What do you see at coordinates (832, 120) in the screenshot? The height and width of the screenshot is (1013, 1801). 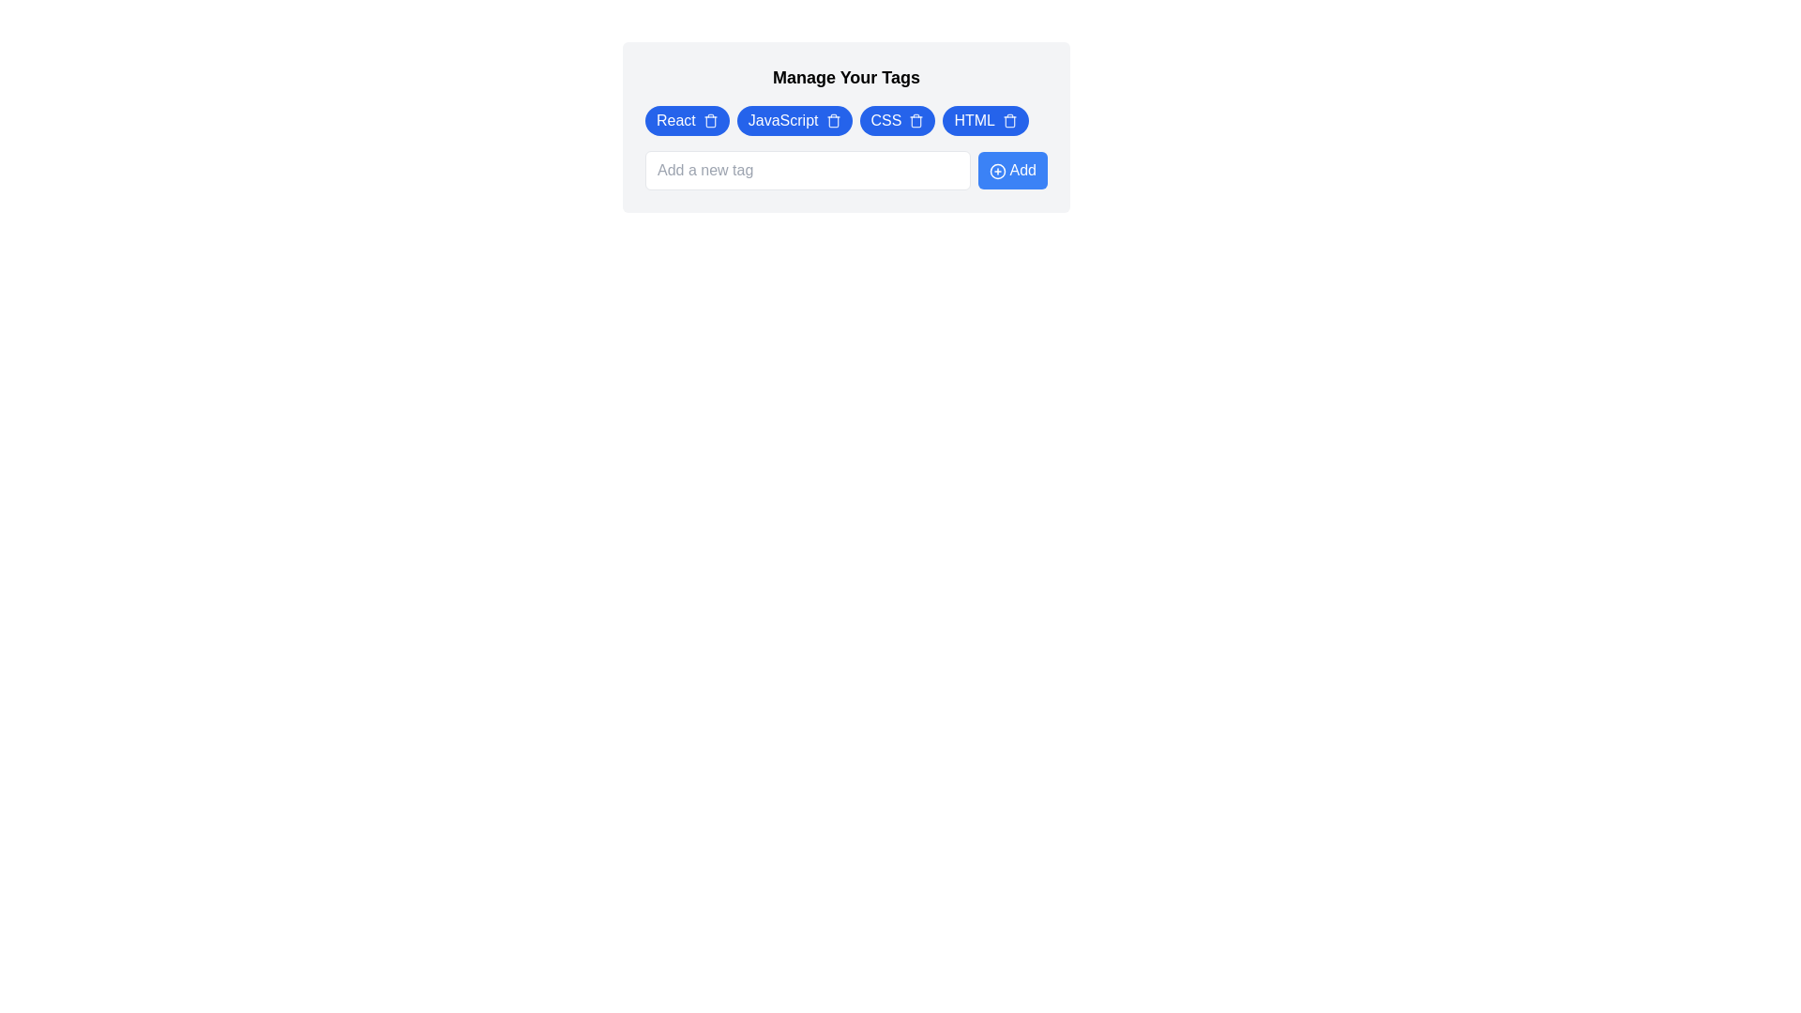 I see `the trash can icon button located on the far right of the 'JavaScript' tag section to potentially see a tooltip` at bounding box center [832, 120].